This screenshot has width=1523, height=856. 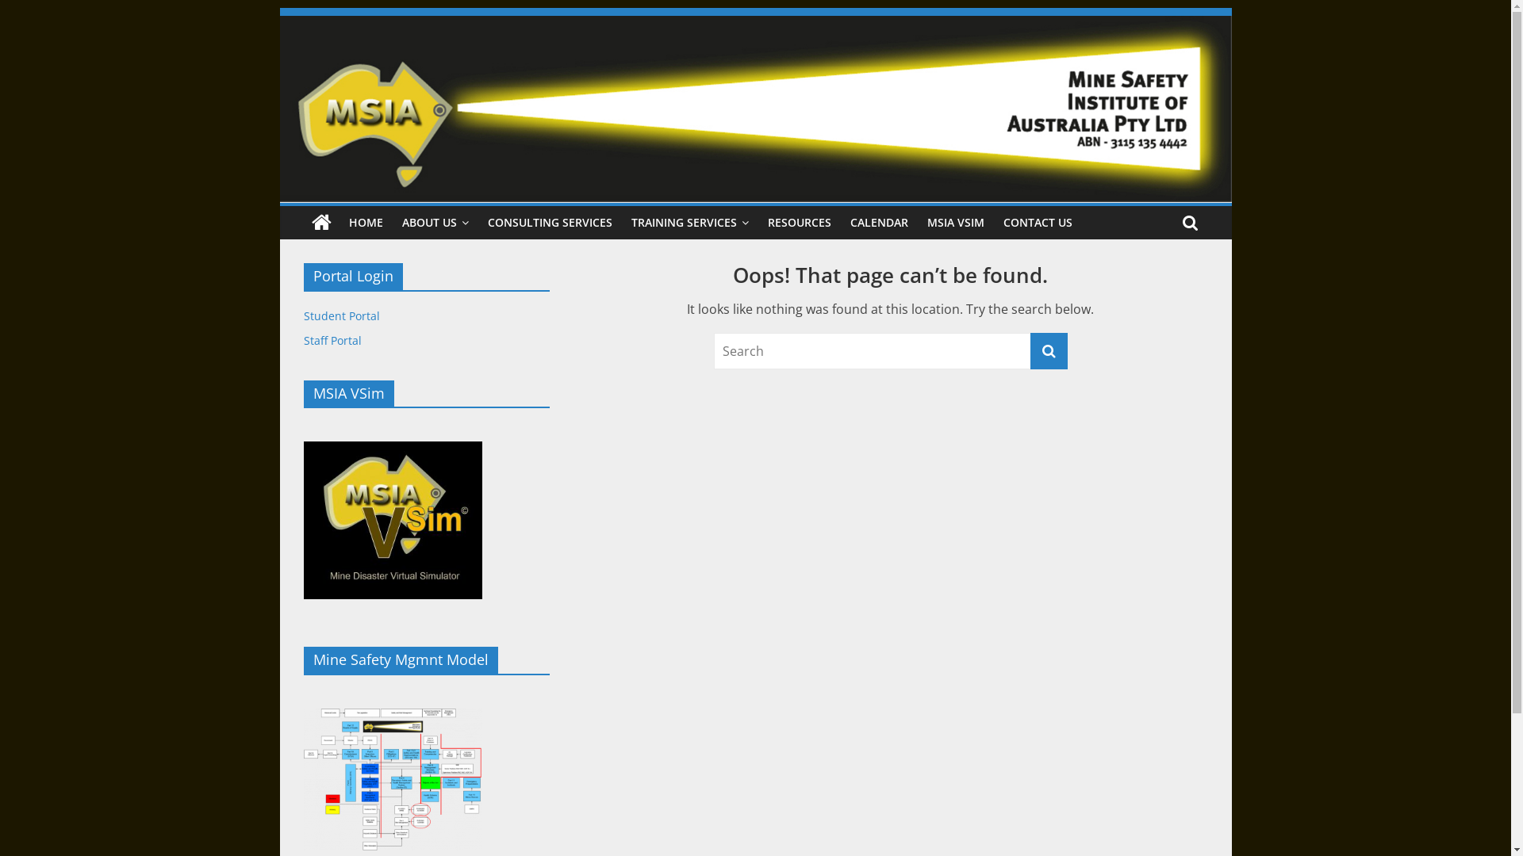 I want to click on 'Mine Safety Institute of Australia', so click(x=303, y=119).